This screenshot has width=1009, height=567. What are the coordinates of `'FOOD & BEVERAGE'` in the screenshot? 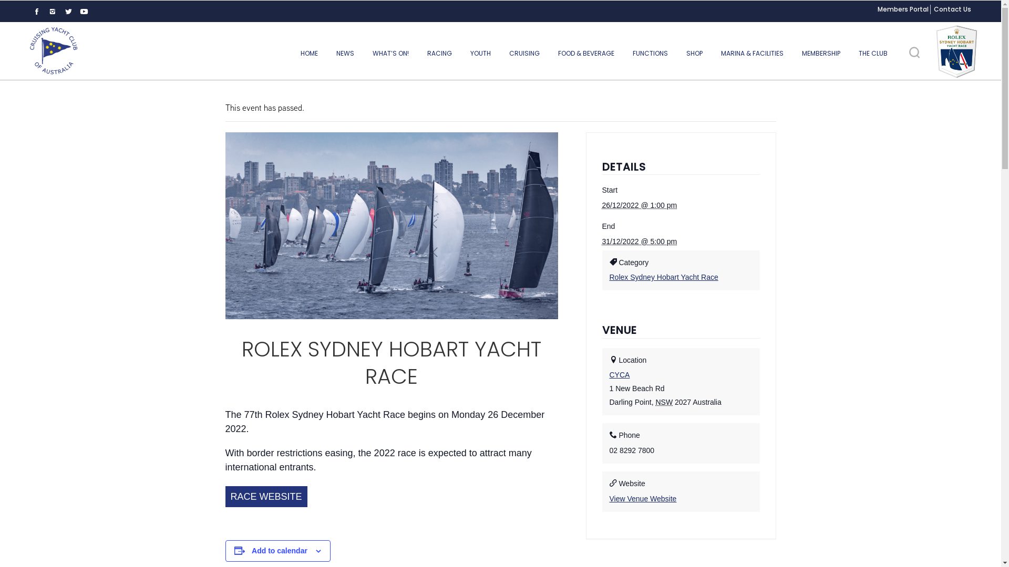 It's located at (585, 53).